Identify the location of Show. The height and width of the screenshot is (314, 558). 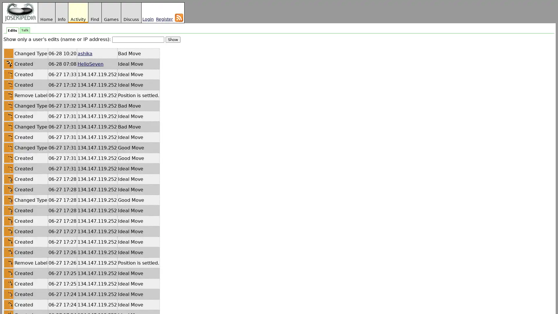
(173, 39).